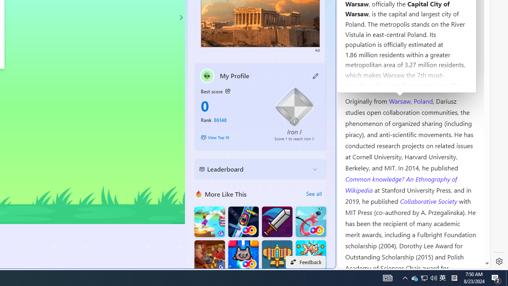  I want to click on 'Warsaw', so click(399, 100).